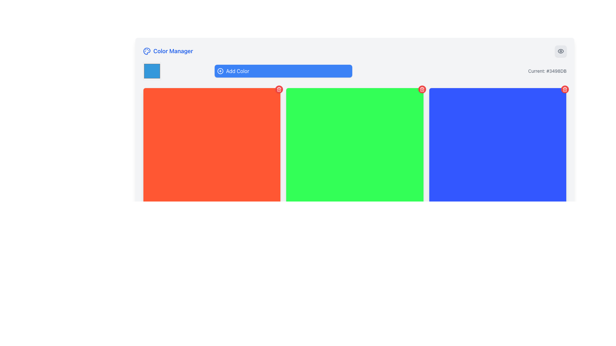 This screenshot has height=346, width=616. Describe the element at coordinates (560, 51) in the screenshot. I see `the button located in the top right corner of the interface` at that location.